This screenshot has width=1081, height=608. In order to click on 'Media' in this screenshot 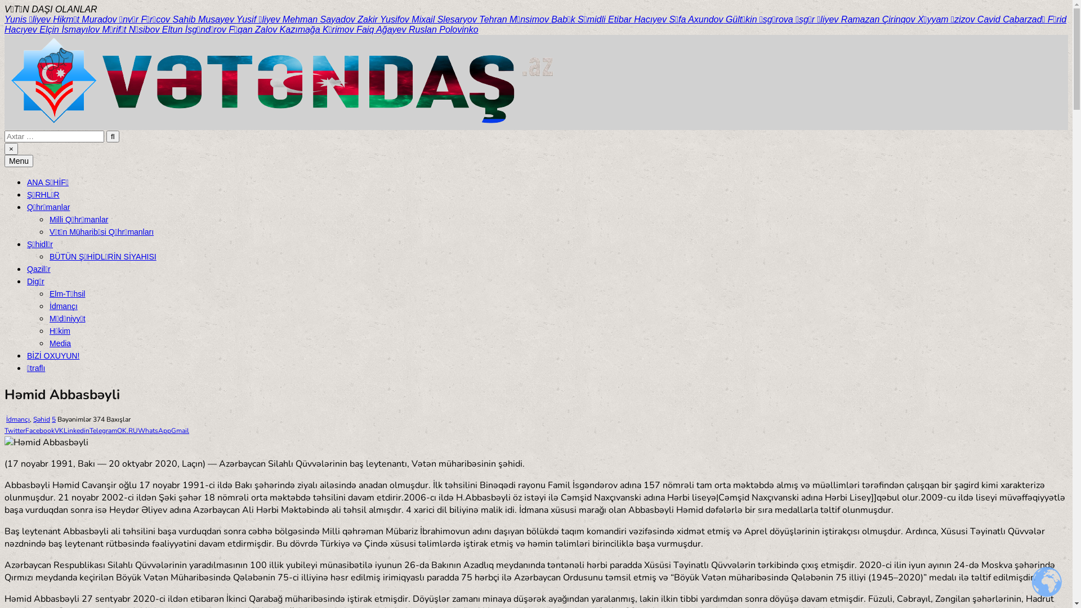, I will do `click(48, 342)`.